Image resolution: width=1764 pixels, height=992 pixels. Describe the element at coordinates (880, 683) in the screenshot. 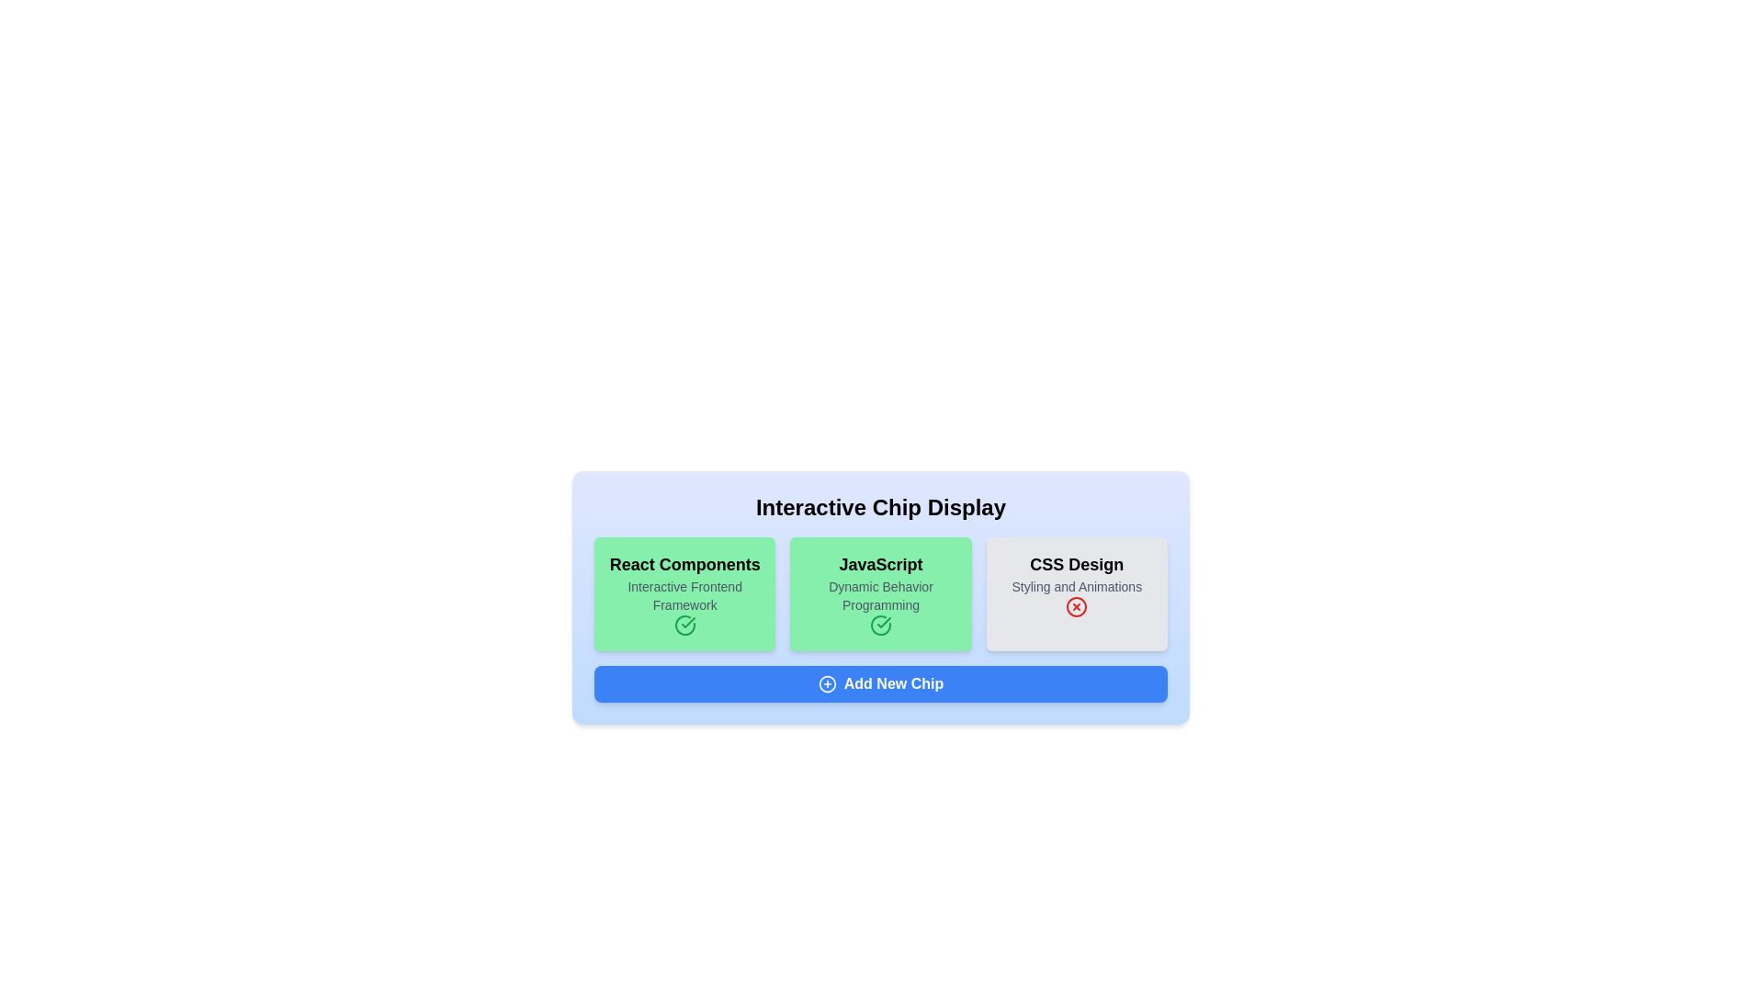

I see `the 'Add New Chip' button to add a new chip` at that location.